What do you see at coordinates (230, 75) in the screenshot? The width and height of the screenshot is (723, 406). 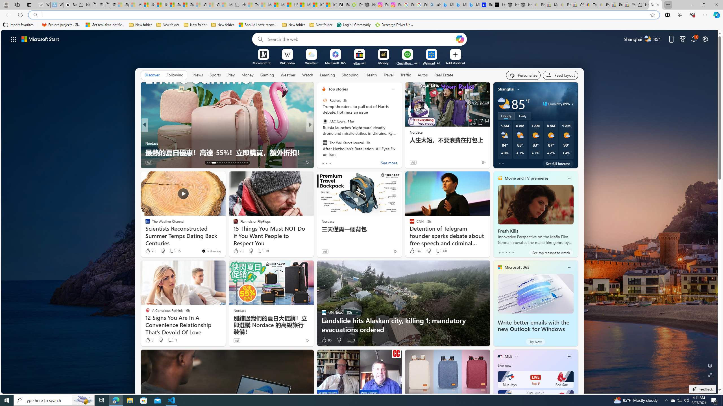 I see `'Play'` at bounding box center [230, 75].